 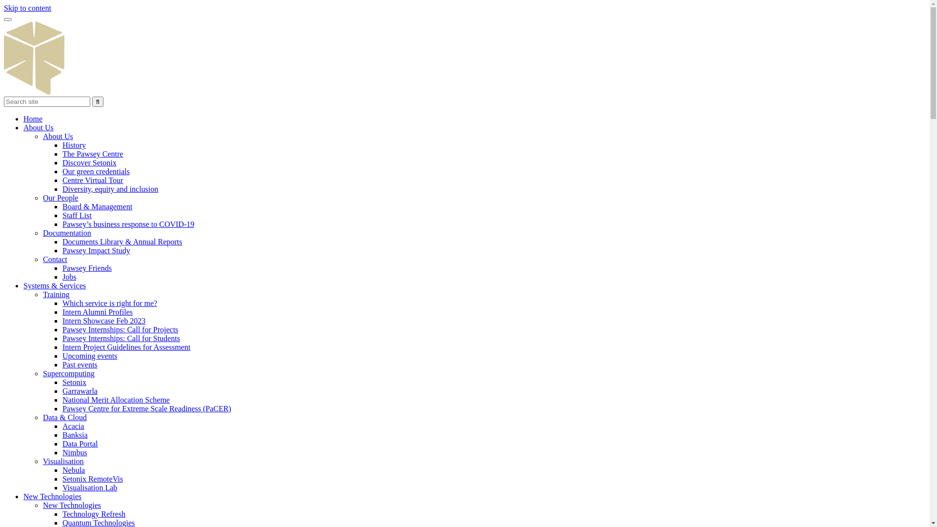 What do you see at coordinates (89, 487) in the screenshot?
I see `'Visualisation Lab'` at bounding box center [89, 487].